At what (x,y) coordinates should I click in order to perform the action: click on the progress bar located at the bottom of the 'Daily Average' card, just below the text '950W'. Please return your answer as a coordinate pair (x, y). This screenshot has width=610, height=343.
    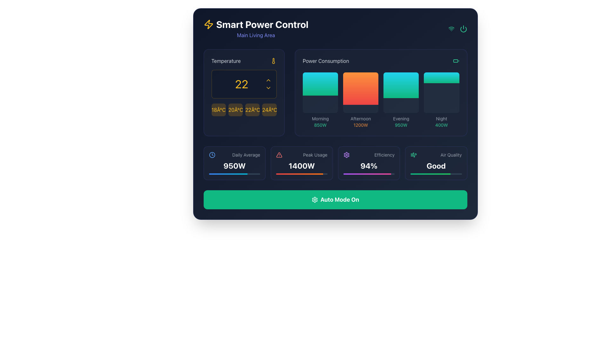
    Looking at the image, I should click on (234, 174).